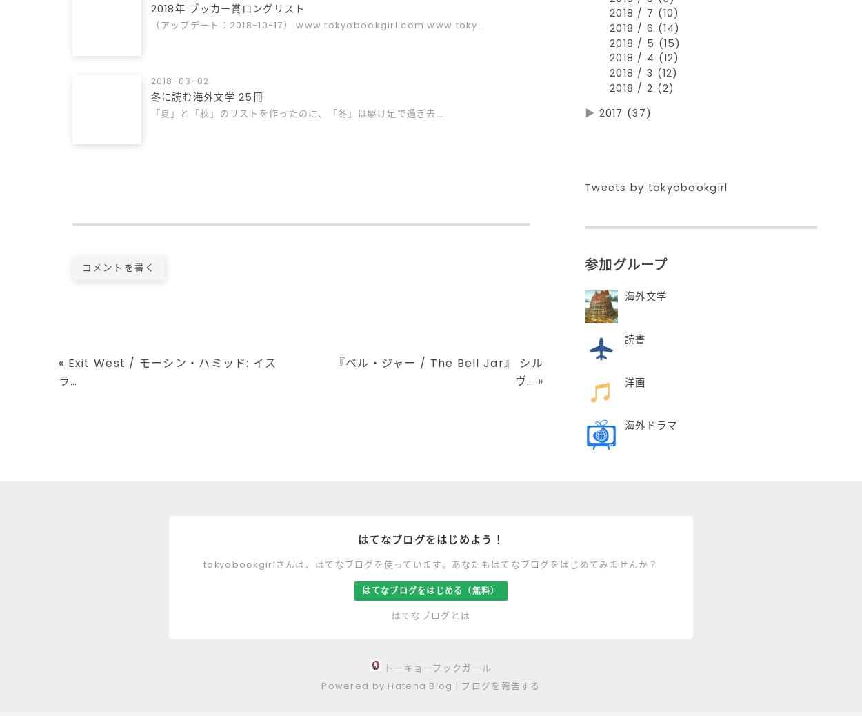 The height and width of the screenshot is (716, 862). I want to click on 'Hatena Blog', so click(419, 692).